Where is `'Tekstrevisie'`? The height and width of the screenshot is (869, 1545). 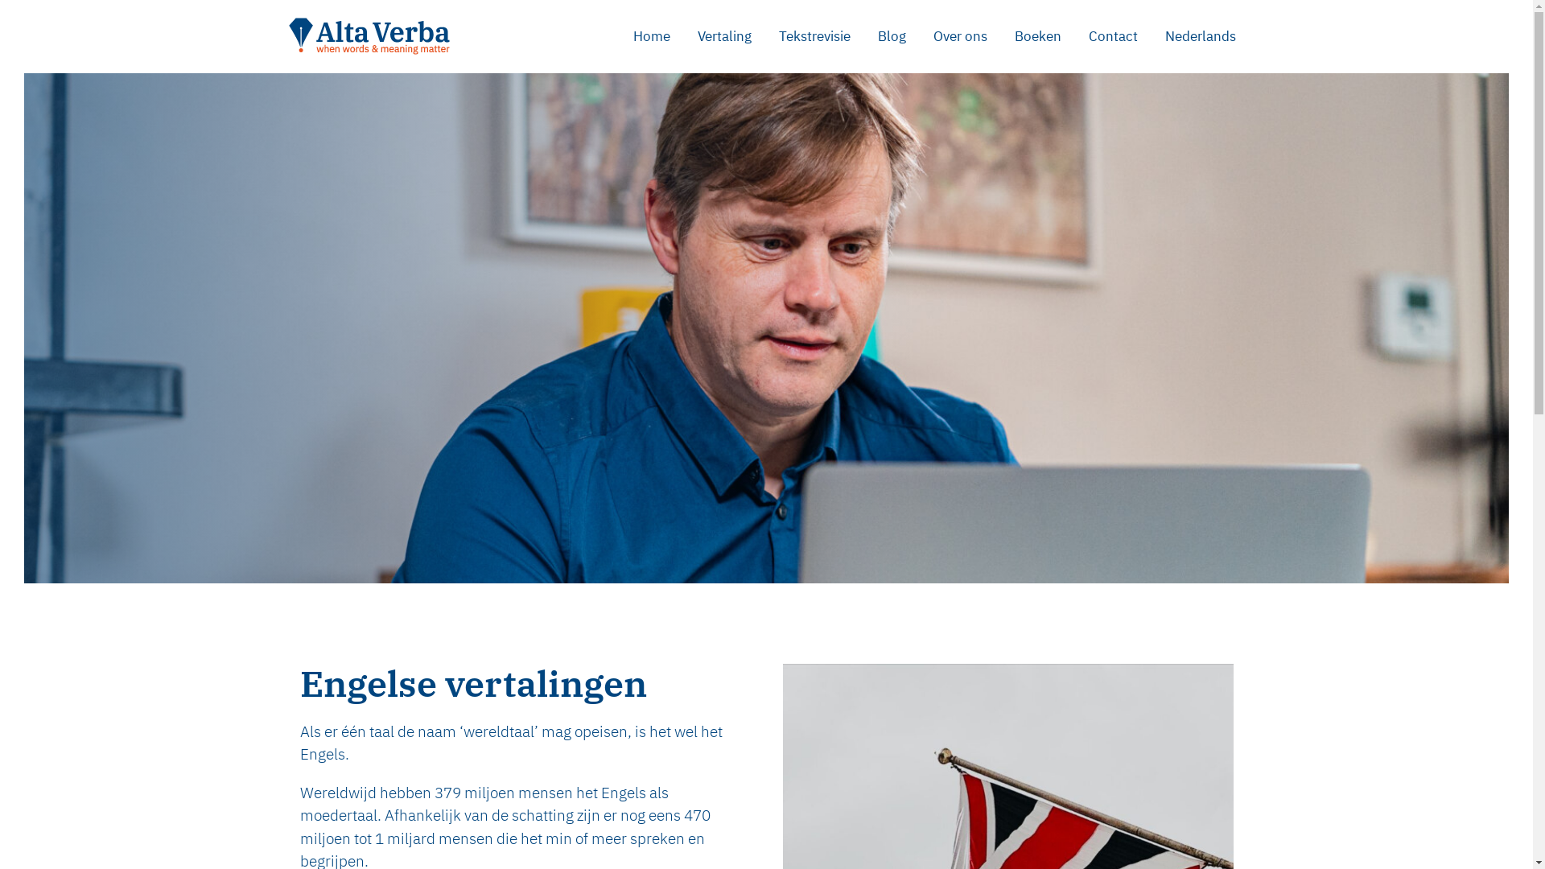 'Tekstrevisie' is located at coordinates (814, 36).